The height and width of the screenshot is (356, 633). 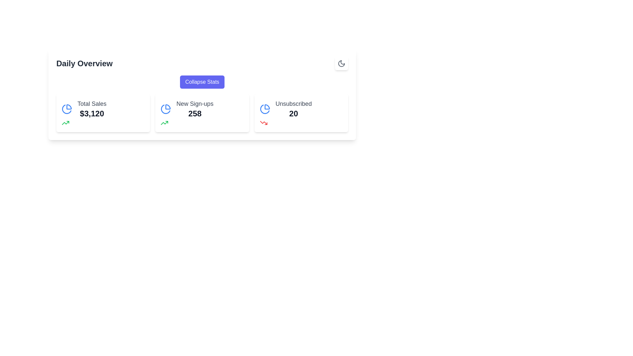 What do you see at coordinates (91, 104) in the screenshot?
I see `the 'Total Sales' label located at the top of the first card` at bounding box center [91, 104].